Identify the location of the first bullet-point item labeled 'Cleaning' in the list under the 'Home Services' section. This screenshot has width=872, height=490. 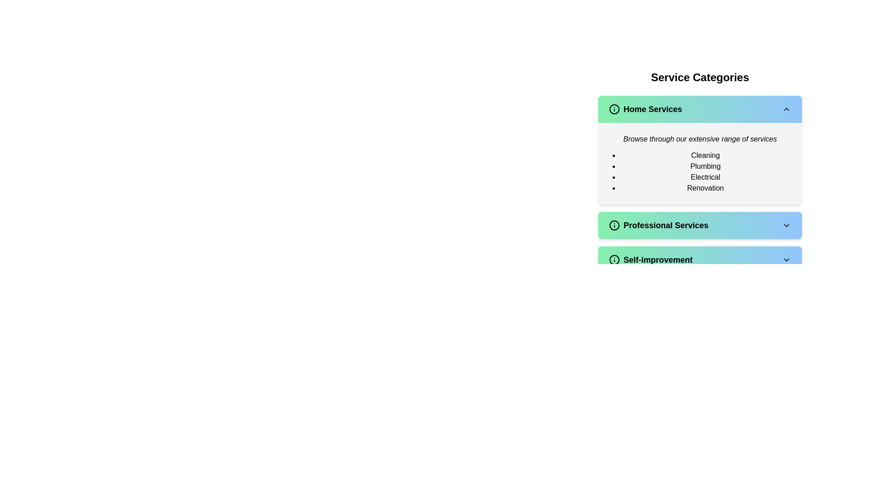
(705, 155).